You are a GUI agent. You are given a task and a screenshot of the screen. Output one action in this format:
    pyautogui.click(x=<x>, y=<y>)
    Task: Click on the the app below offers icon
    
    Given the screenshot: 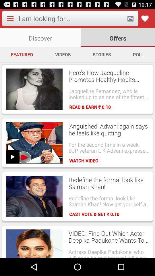 What is the action you would take?
    pyautogui.click(x=138, y=54)
    